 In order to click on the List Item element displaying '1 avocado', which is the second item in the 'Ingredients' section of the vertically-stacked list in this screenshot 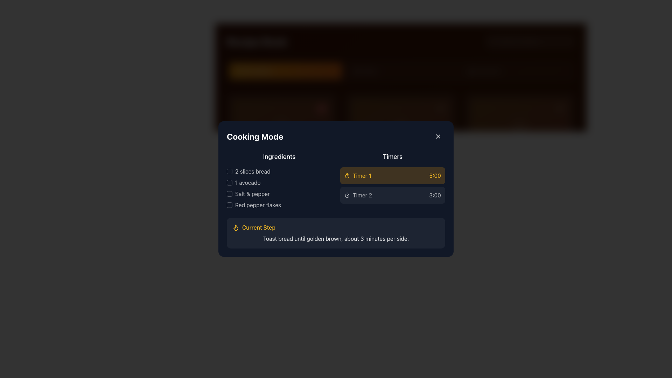, I will do `click(279, 182)`.